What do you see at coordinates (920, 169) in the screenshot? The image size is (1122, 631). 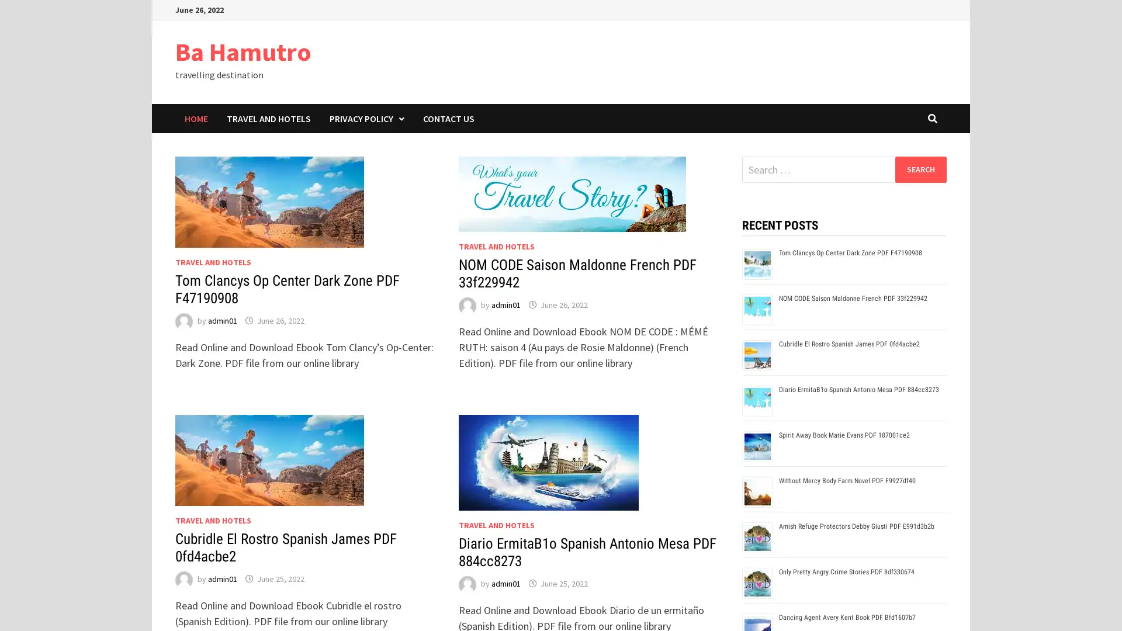 I see `Search` at bounding box center [920, 169].